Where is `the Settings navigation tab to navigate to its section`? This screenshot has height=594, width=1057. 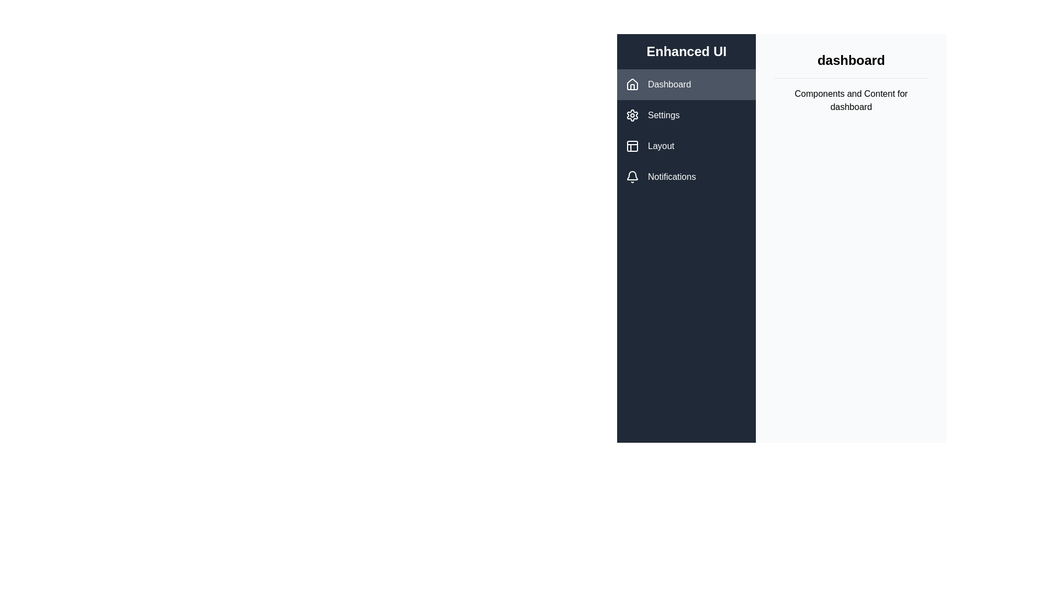 the Settings navigation tab to navigate to its section is located at coordinates (686, 115).